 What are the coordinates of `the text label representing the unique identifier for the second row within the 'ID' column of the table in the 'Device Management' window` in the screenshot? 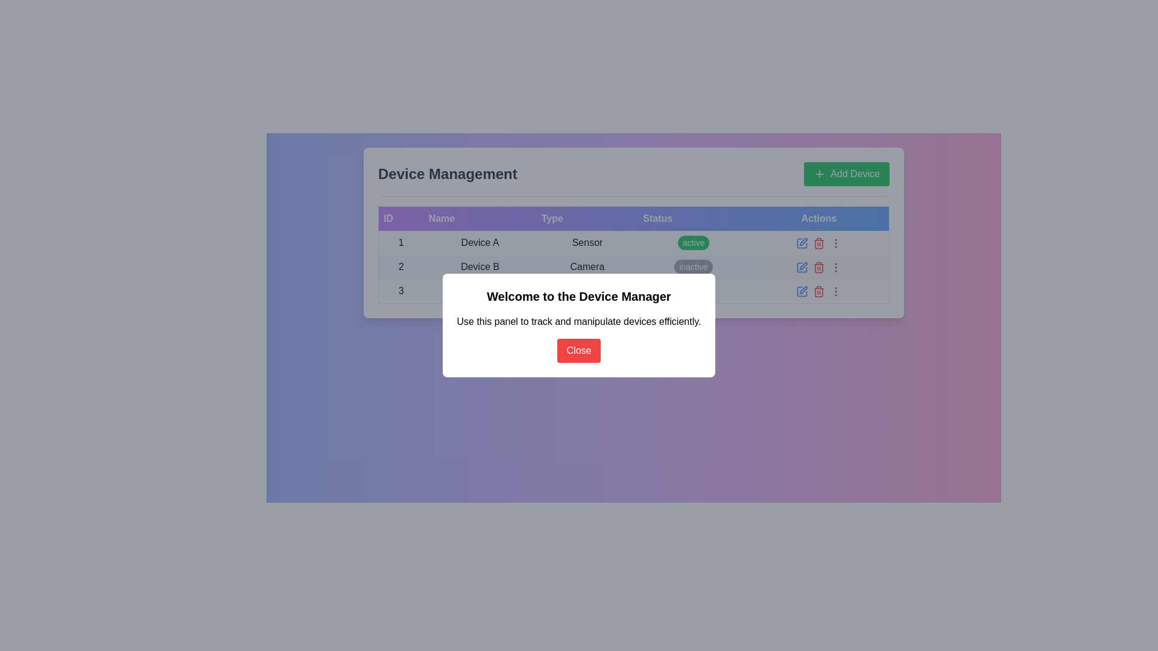 It's located at (401, 266).